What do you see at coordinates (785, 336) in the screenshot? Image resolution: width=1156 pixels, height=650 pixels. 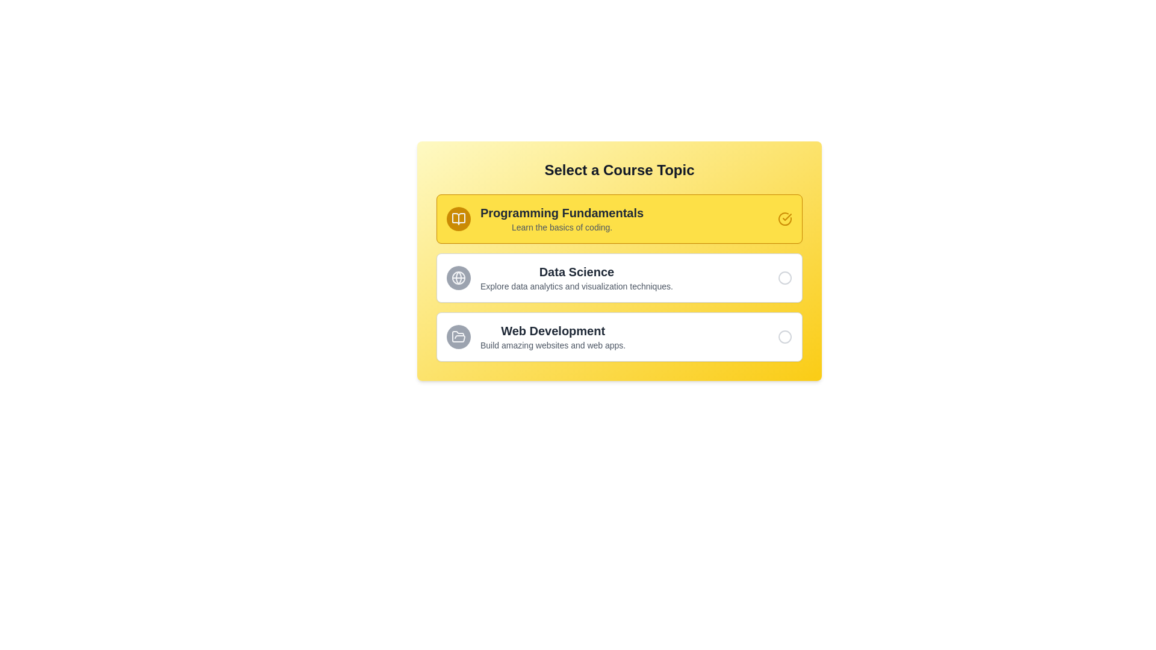 I see `the unselected radio button located at the far right of the 'Web Development' section to receive potential additional visual feedback` at bounding box center [785, 336].